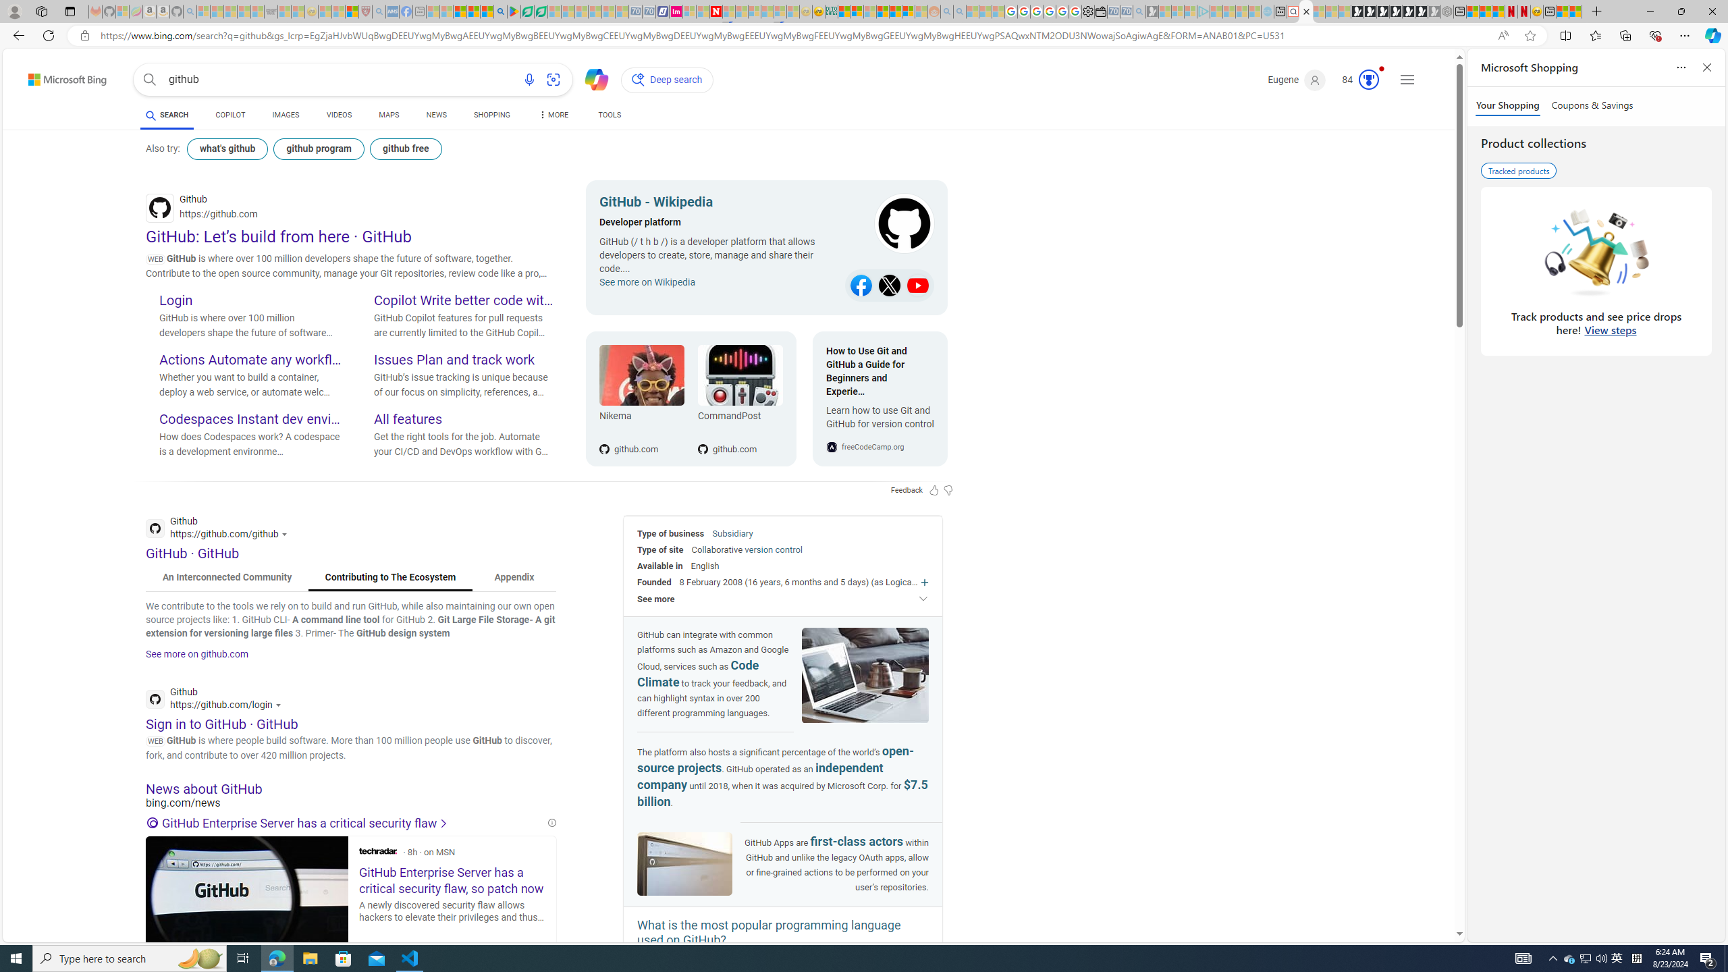  What do you see at coordinates (1139, 11) in the screenshot?
I see `'Bing Real Estate - Home sales and rental listings - Sleeping'` at bounding box center [1139, 11].